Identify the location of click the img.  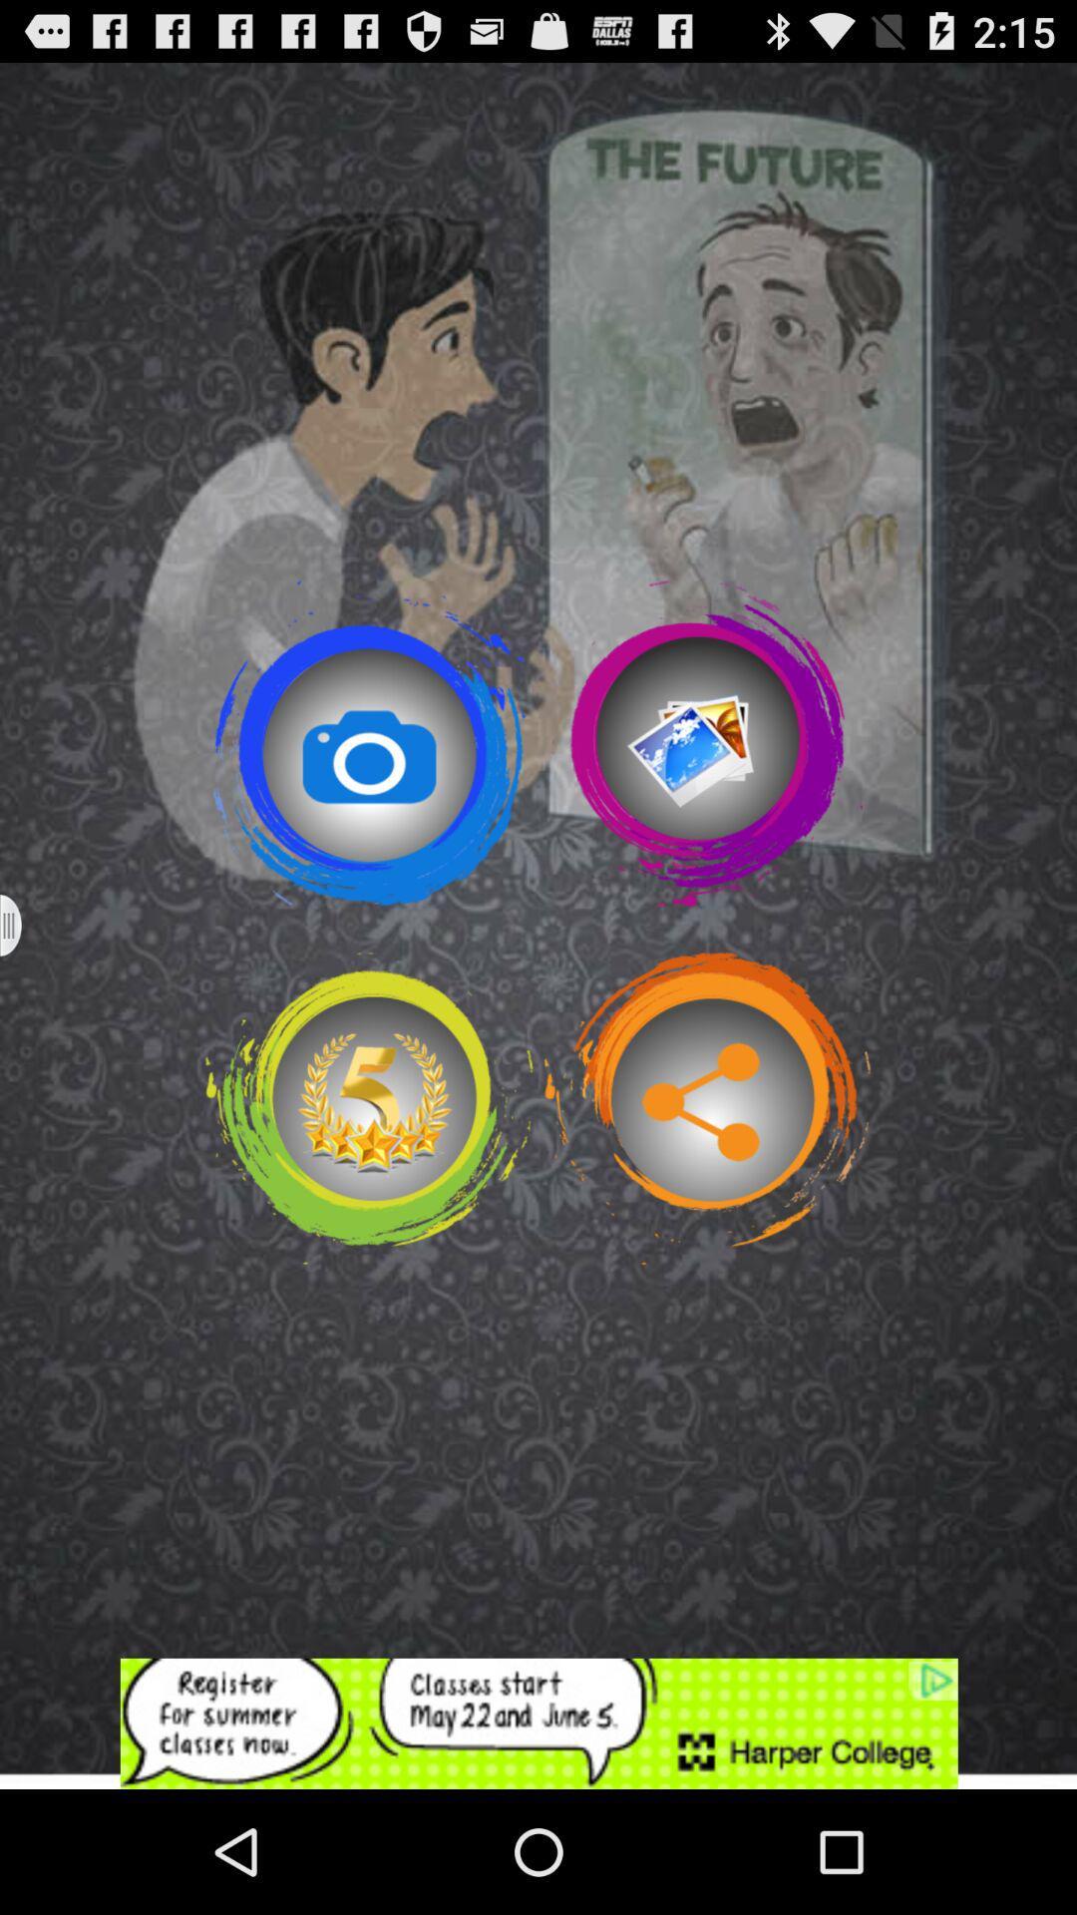
(706, 742).